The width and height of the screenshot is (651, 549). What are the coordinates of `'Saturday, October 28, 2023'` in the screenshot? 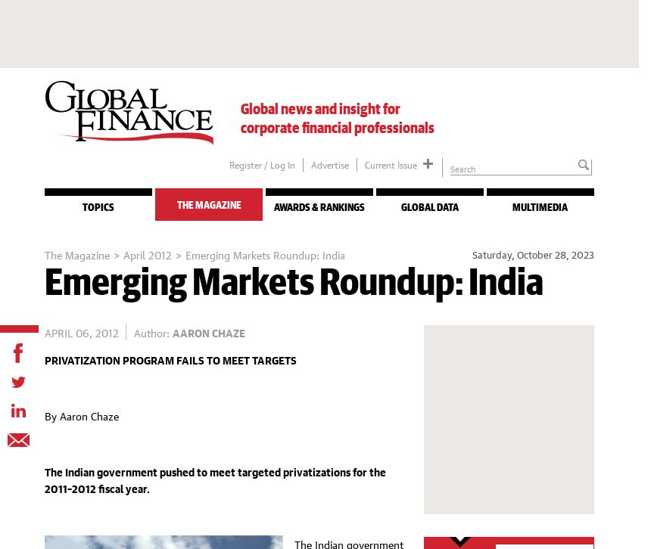 It's located at (531, 253).